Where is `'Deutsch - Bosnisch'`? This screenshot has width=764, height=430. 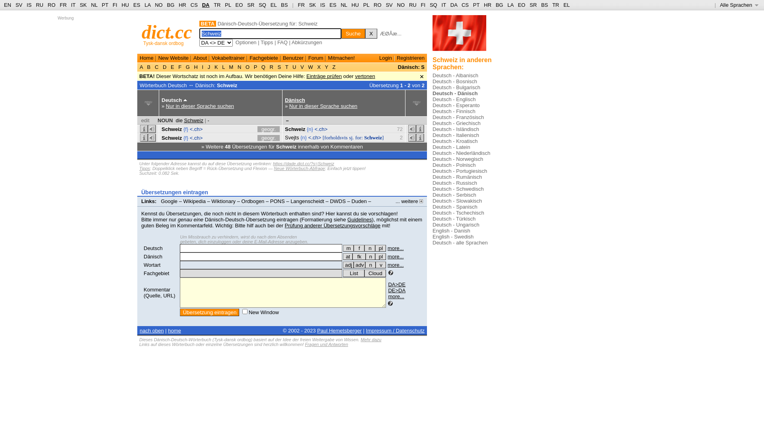 'Deutsch - Bosnisch' is located at coordinates (454, 81).